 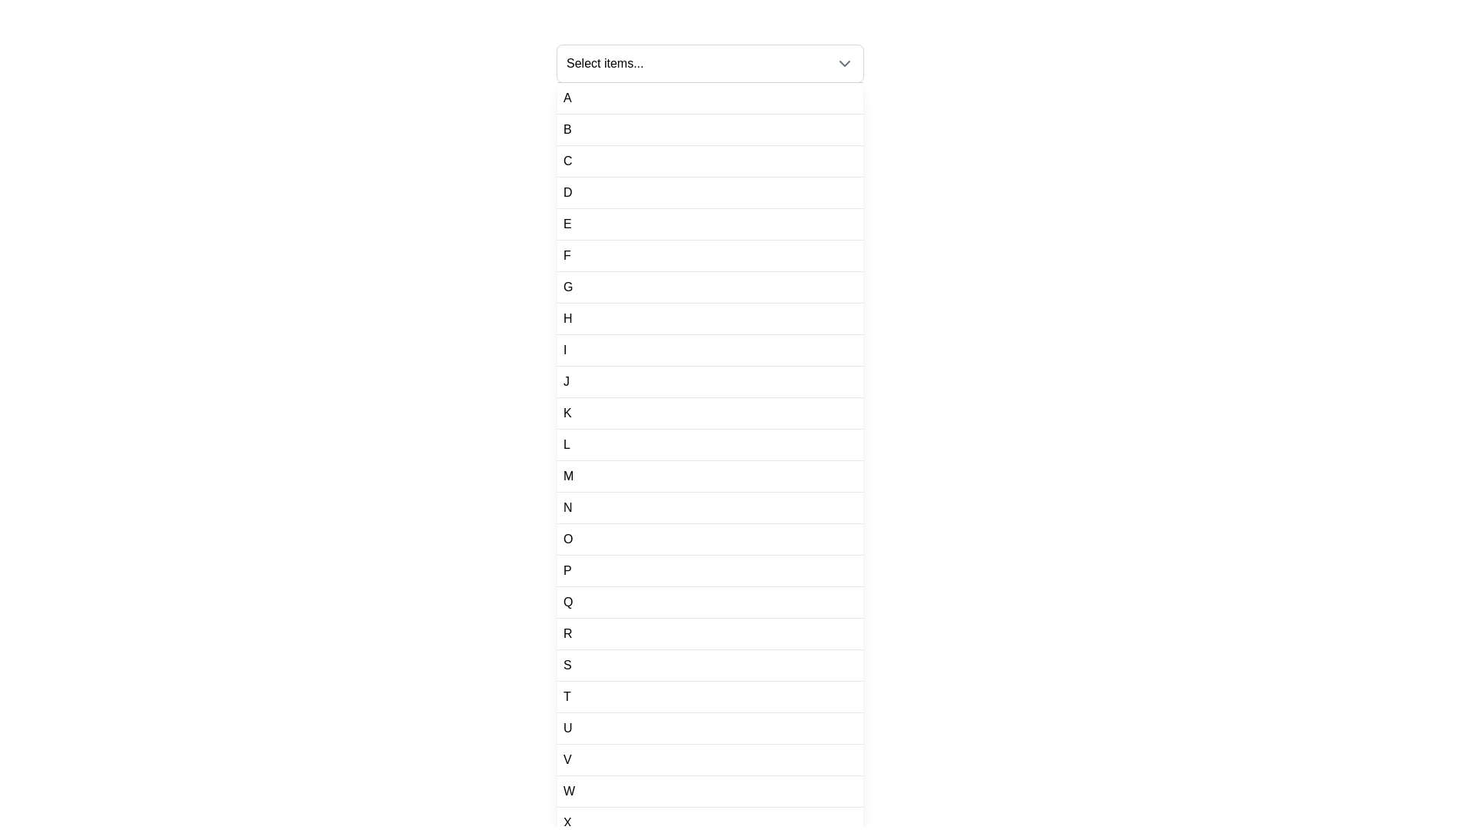 I want to click on the 'M' text label element located in the vertical list of alphabetic characters, so click(x=567, y=476).